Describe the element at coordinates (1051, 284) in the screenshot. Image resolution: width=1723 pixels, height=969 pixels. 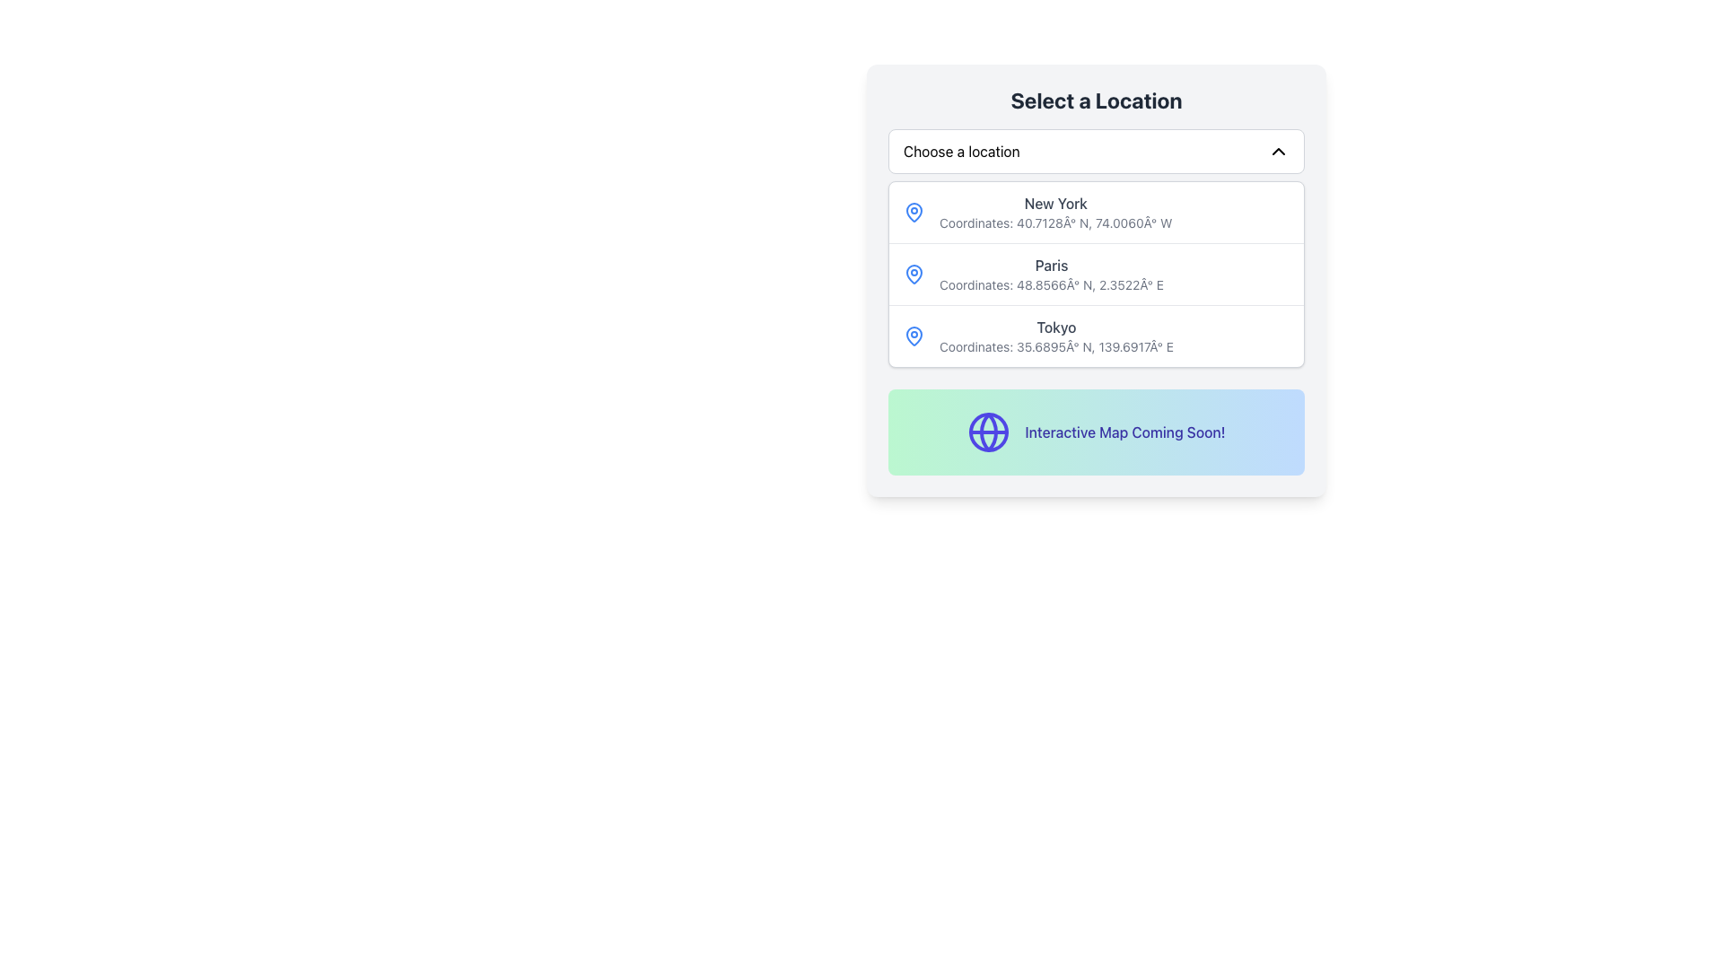
I see `the text label displaying 'Coordinates: 48.8566° N, 2.3522° E' which is part of the second location option for 'Paris' in the list of locations` at that location.